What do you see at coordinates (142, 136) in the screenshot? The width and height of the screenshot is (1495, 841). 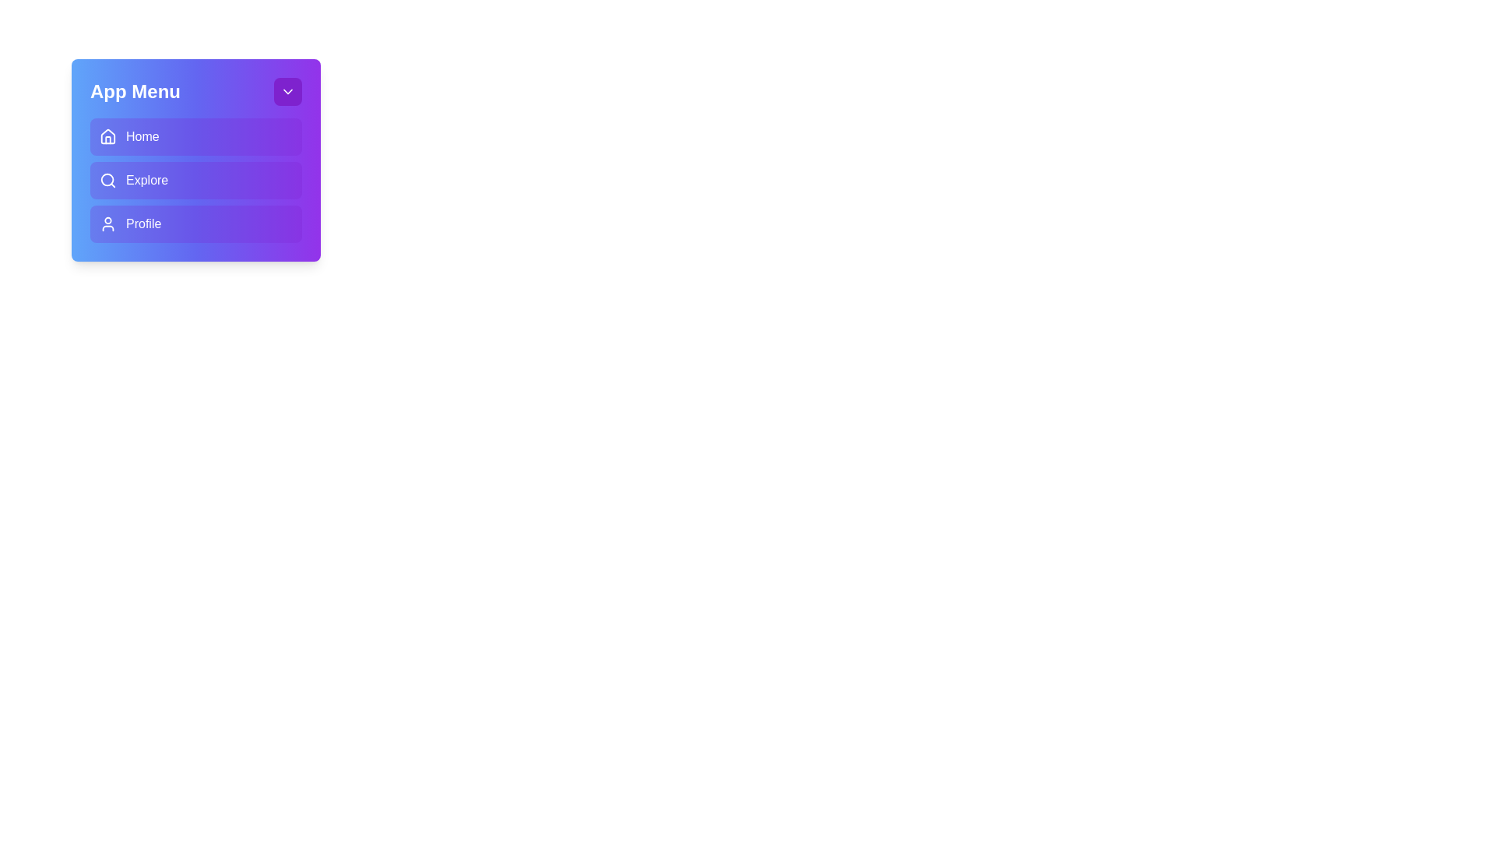 I see `the 'Home' text label in the navigation menu` at bounding box center [142, 136].